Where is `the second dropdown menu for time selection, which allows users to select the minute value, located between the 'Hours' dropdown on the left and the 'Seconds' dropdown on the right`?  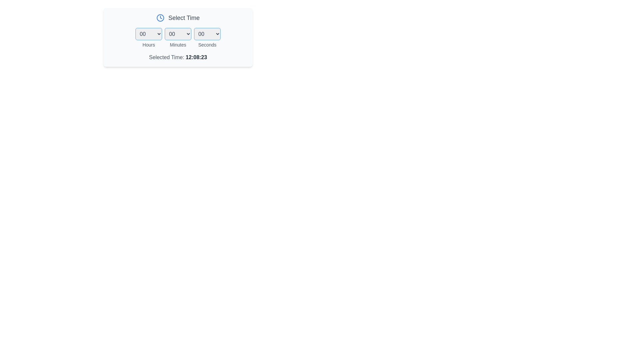
the second dropdown menu for time selection, which allows users to select the minute value, located between the 'Hours' dropdown on the left and the 'Seconds' dropdown on the right is located at coordinates (178, 37).